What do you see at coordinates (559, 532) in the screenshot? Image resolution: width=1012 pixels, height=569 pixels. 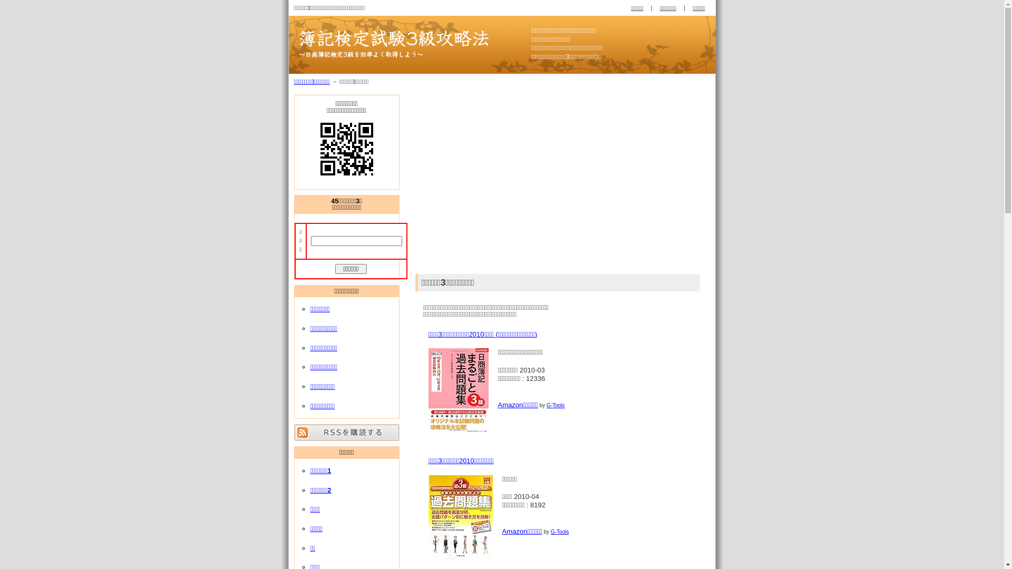 I see `'G-Tools'` at bounding box center [559, 532].